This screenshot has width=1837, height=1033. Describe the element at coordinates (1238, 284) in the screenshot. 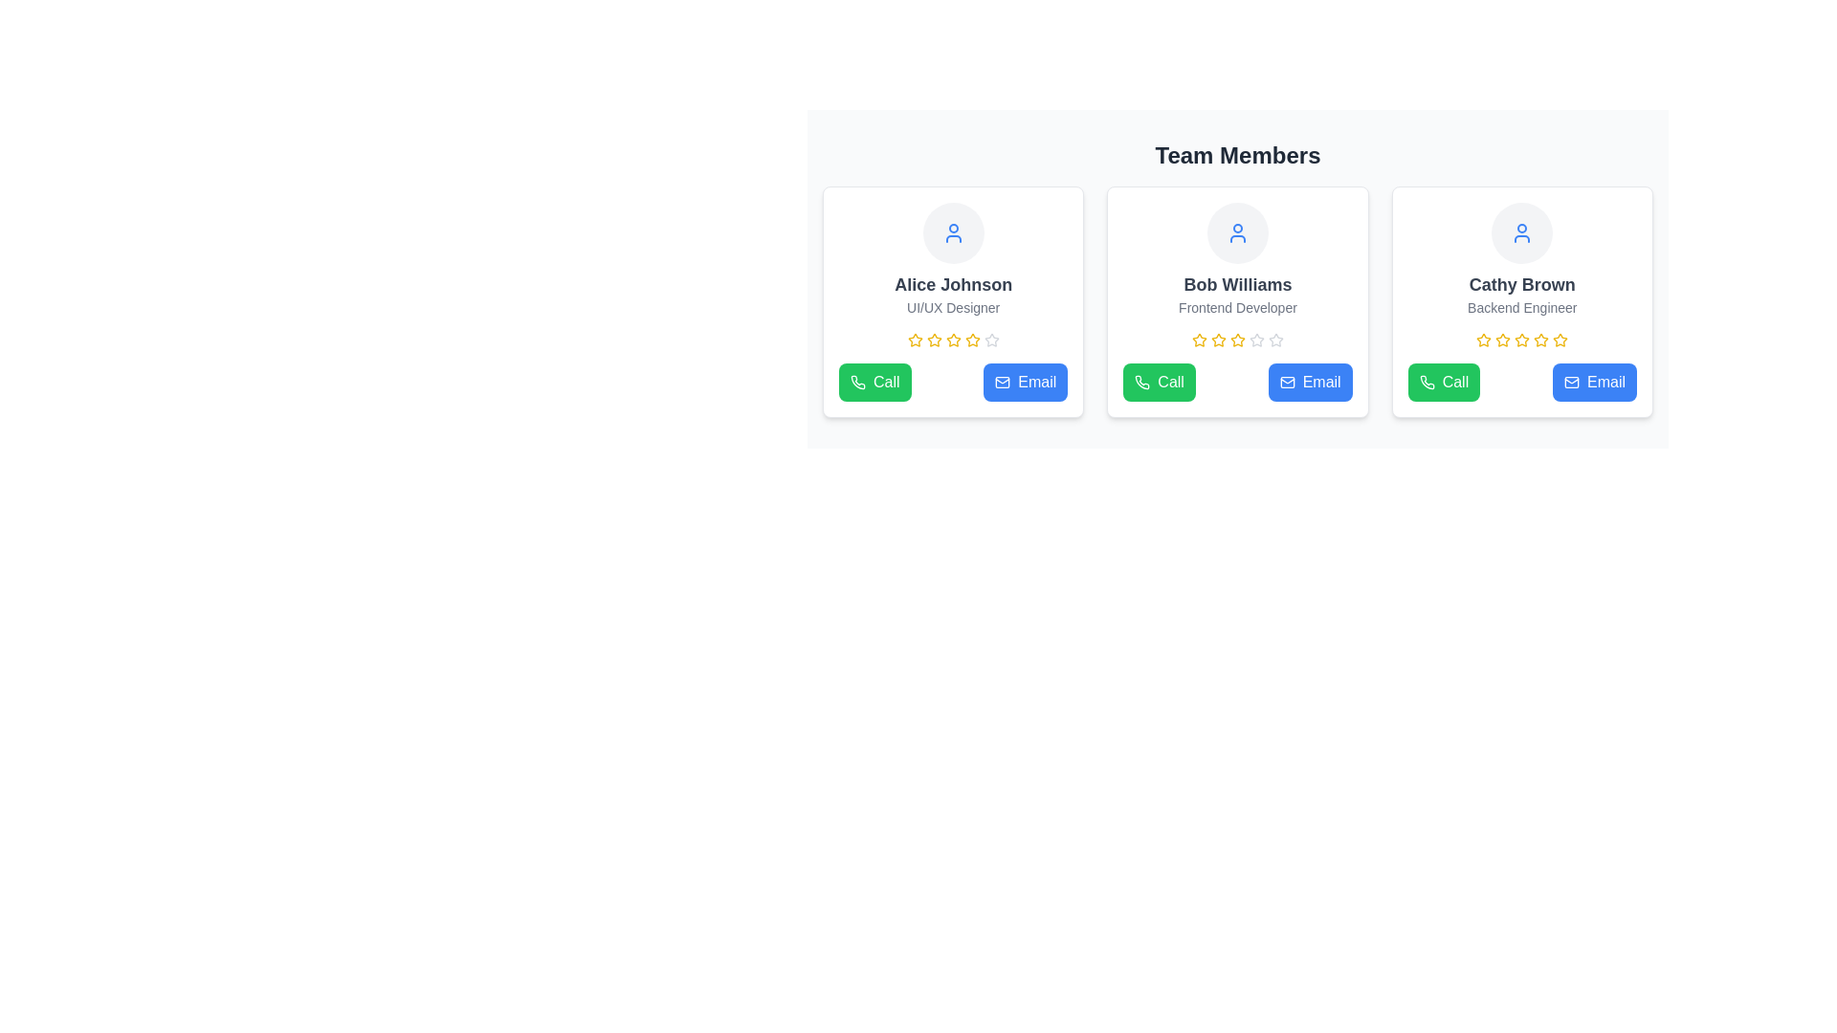

I see `the static text display that shows the name of a team member, located above the text 'Frontend Developer' in the profile card of the team members section` at that location.